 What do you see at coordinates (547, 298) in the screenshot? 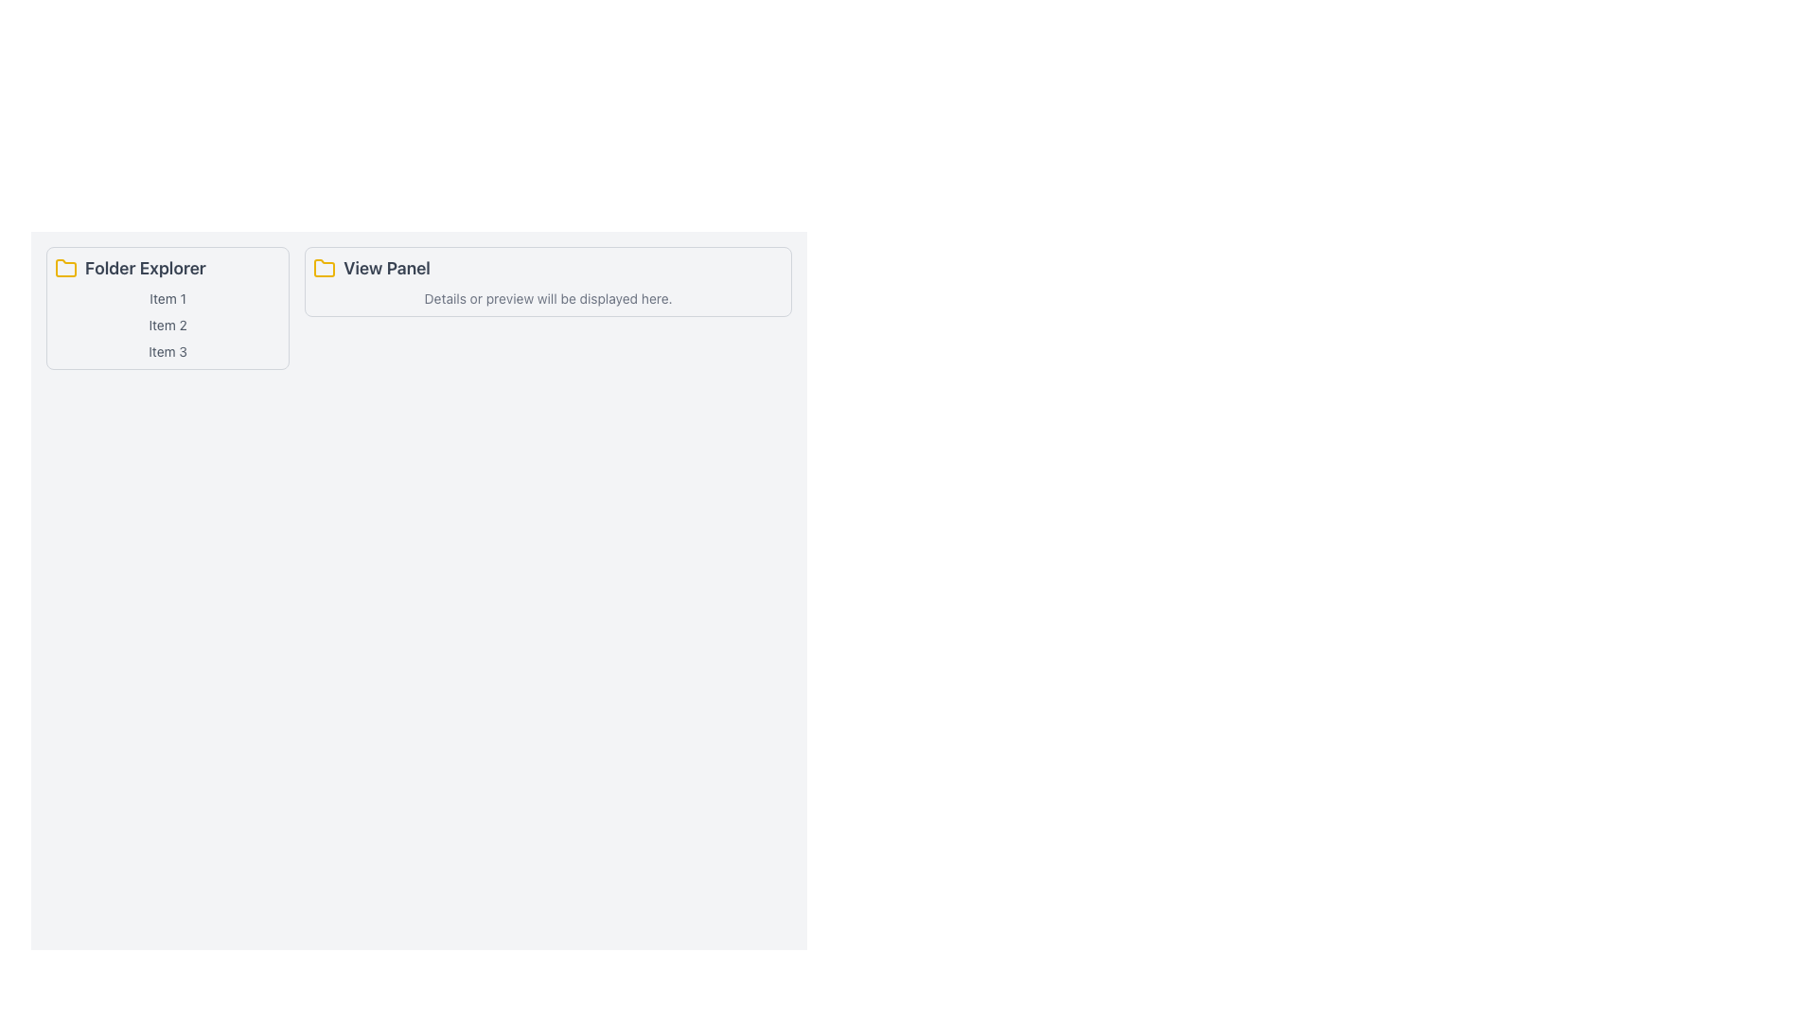
I see `the informational placeholder text located at the lower portion of the 'View Panel' section, following the title 'View Panel'` at bounding box center [547, 298].